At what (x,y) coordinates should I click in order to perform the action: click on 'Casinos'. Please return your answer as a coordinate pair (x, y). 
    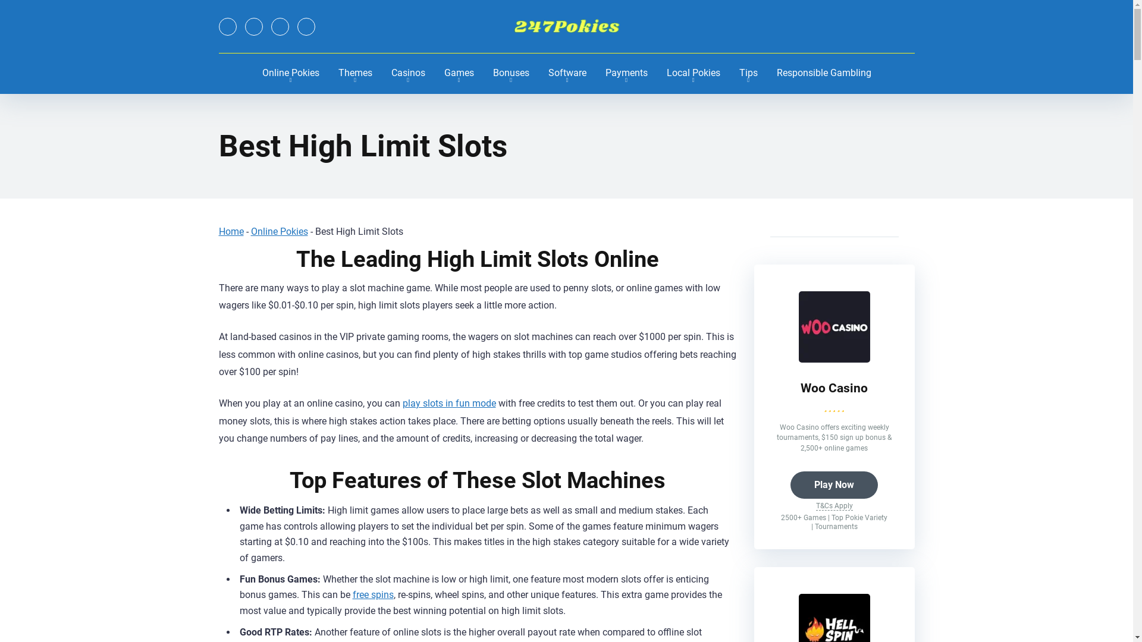
    Looking at the image, I should click on (408, 73).